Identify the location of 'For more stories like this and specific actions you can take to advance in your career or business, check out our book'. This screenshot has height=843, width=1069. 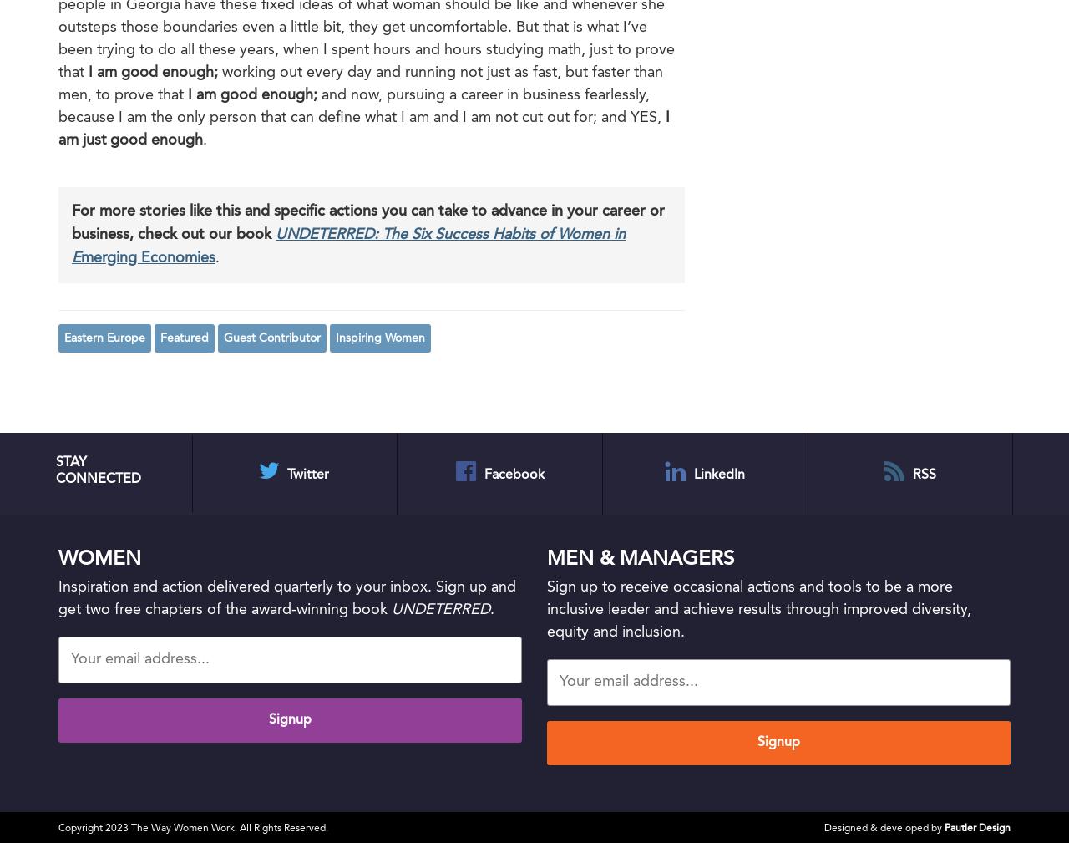
(71, 221).